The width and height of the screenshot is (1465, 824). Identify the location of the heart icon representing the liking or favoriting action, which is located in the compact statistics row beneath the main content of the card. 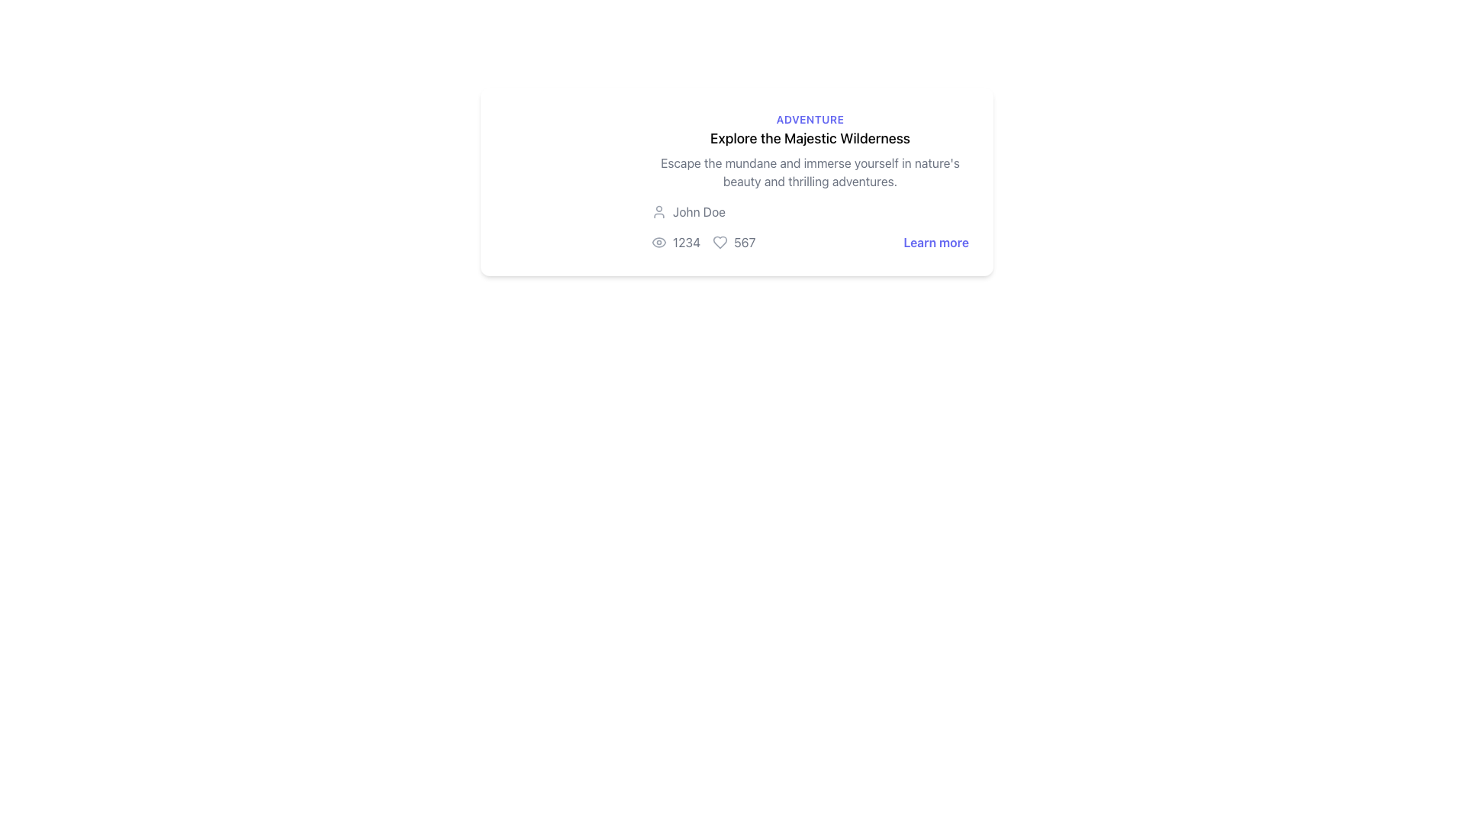
(720, 241).